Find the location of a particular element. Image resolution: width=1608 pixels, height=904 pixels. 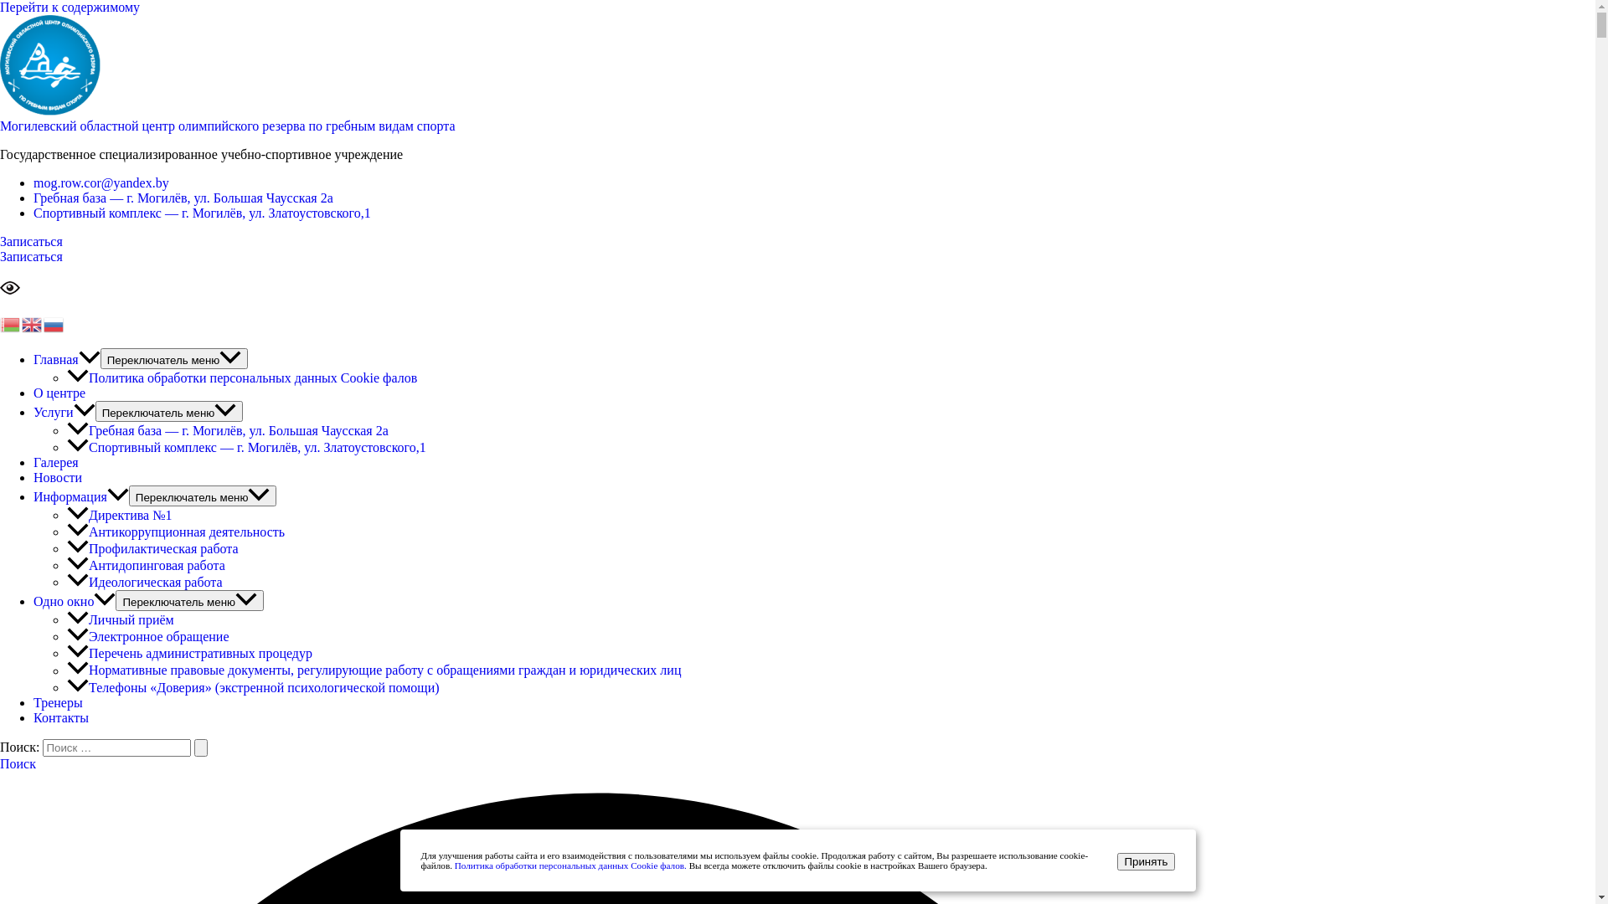

'English' is located at coordinates (32, 323).